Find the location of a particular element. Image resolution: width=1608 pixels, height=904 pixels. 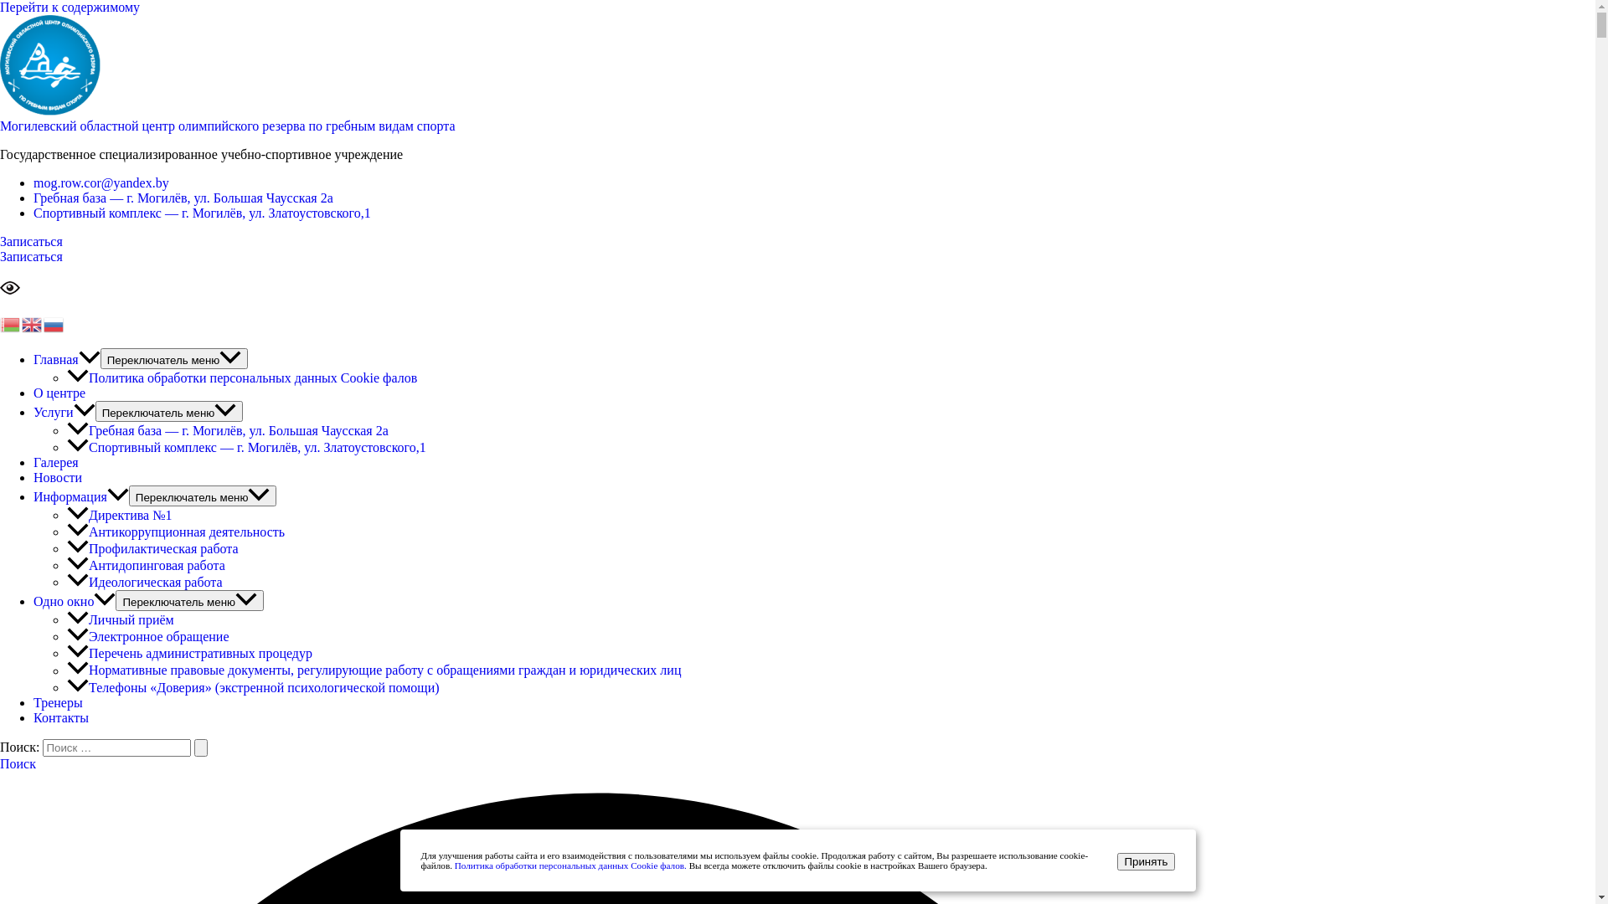

'English' is located at coordinates (32, 323).